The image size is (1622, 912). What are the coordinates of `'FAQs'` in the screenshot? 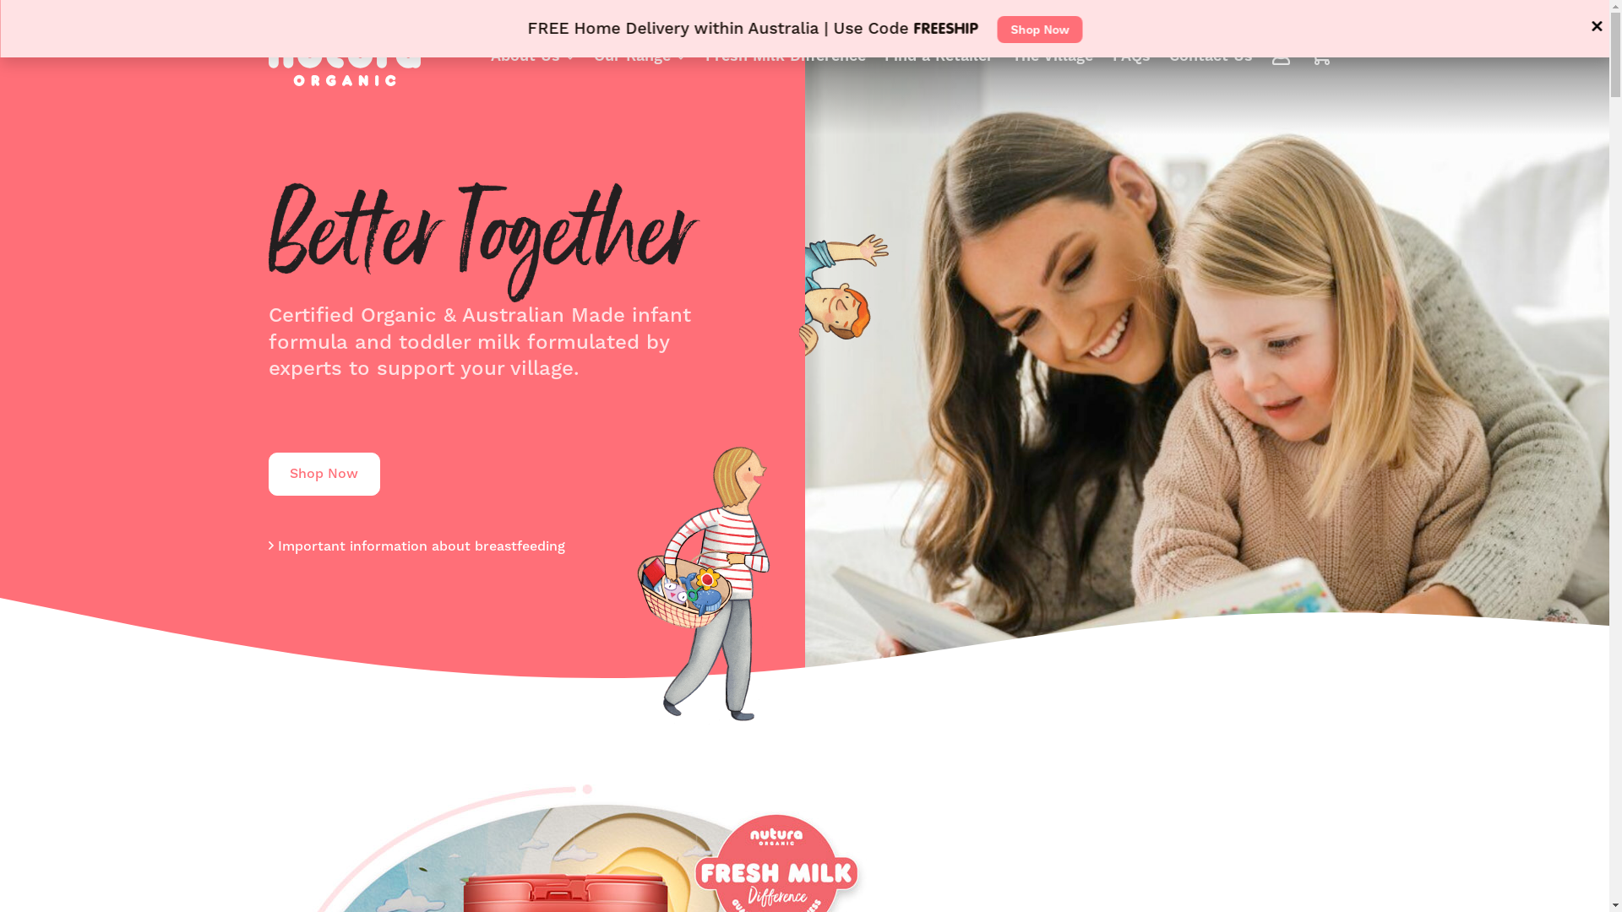 It's located at (1131, 54).